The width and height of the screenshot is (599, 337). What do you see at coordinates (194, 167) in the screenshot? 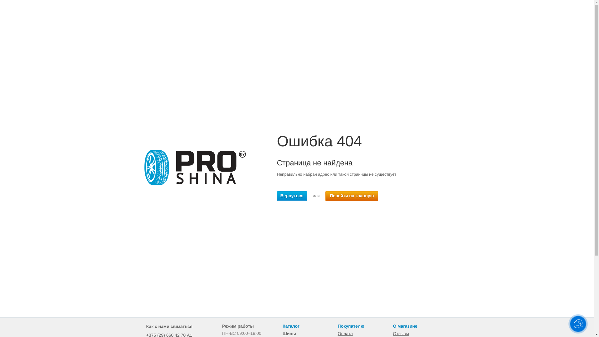
I see `'404'` at bounding box center [194, 167].